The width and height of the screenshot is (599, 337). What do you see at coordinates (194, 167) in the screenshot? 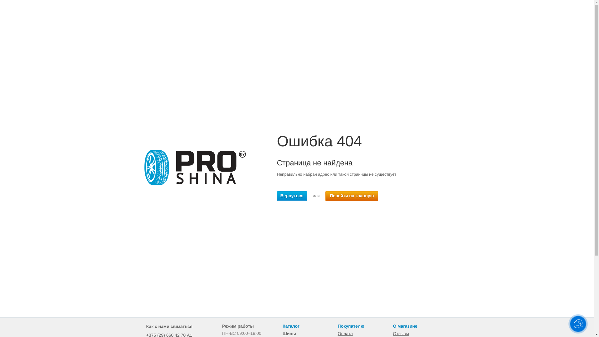
I see `'404'` at bounding box center [194, 167].